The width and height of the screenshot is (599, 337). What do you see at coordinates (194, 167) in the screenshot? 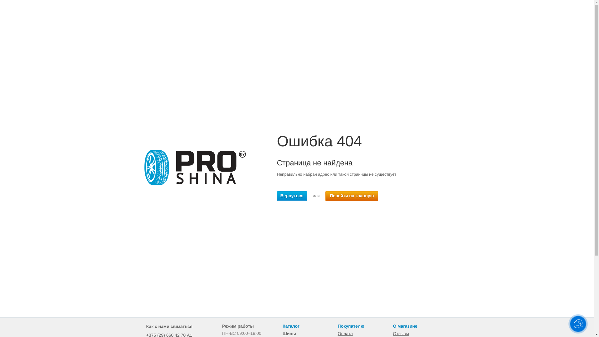
I see `'404'` at bounding box center [194, 167].